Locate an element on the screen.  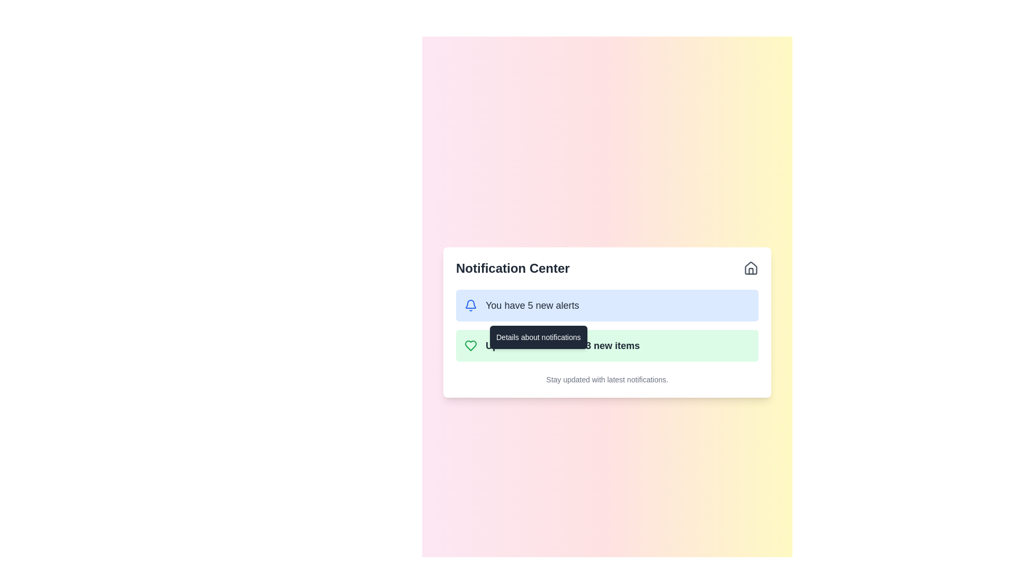
the header text labeled 'Notification Center', which is styled in bold and prominently positioned in the upper-left section of the notification panel is located at coordinates (513, 267).